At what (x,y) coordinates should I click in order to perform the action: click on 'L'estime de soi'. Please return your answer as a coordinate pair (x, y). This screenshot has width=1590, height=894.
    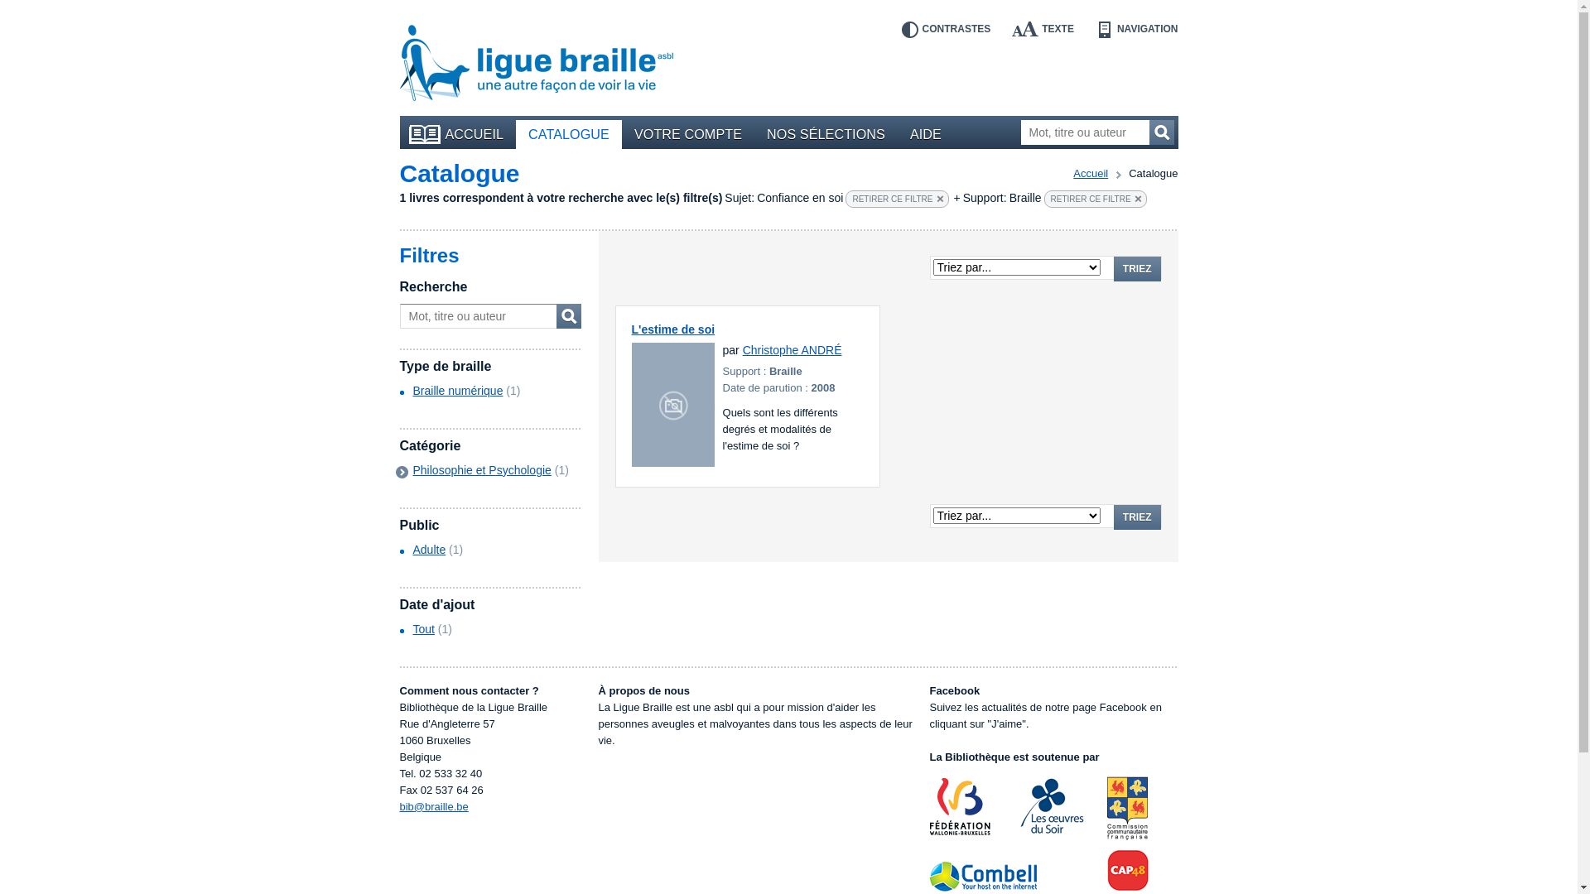
    Looking at the image, I should click on (673, 329).